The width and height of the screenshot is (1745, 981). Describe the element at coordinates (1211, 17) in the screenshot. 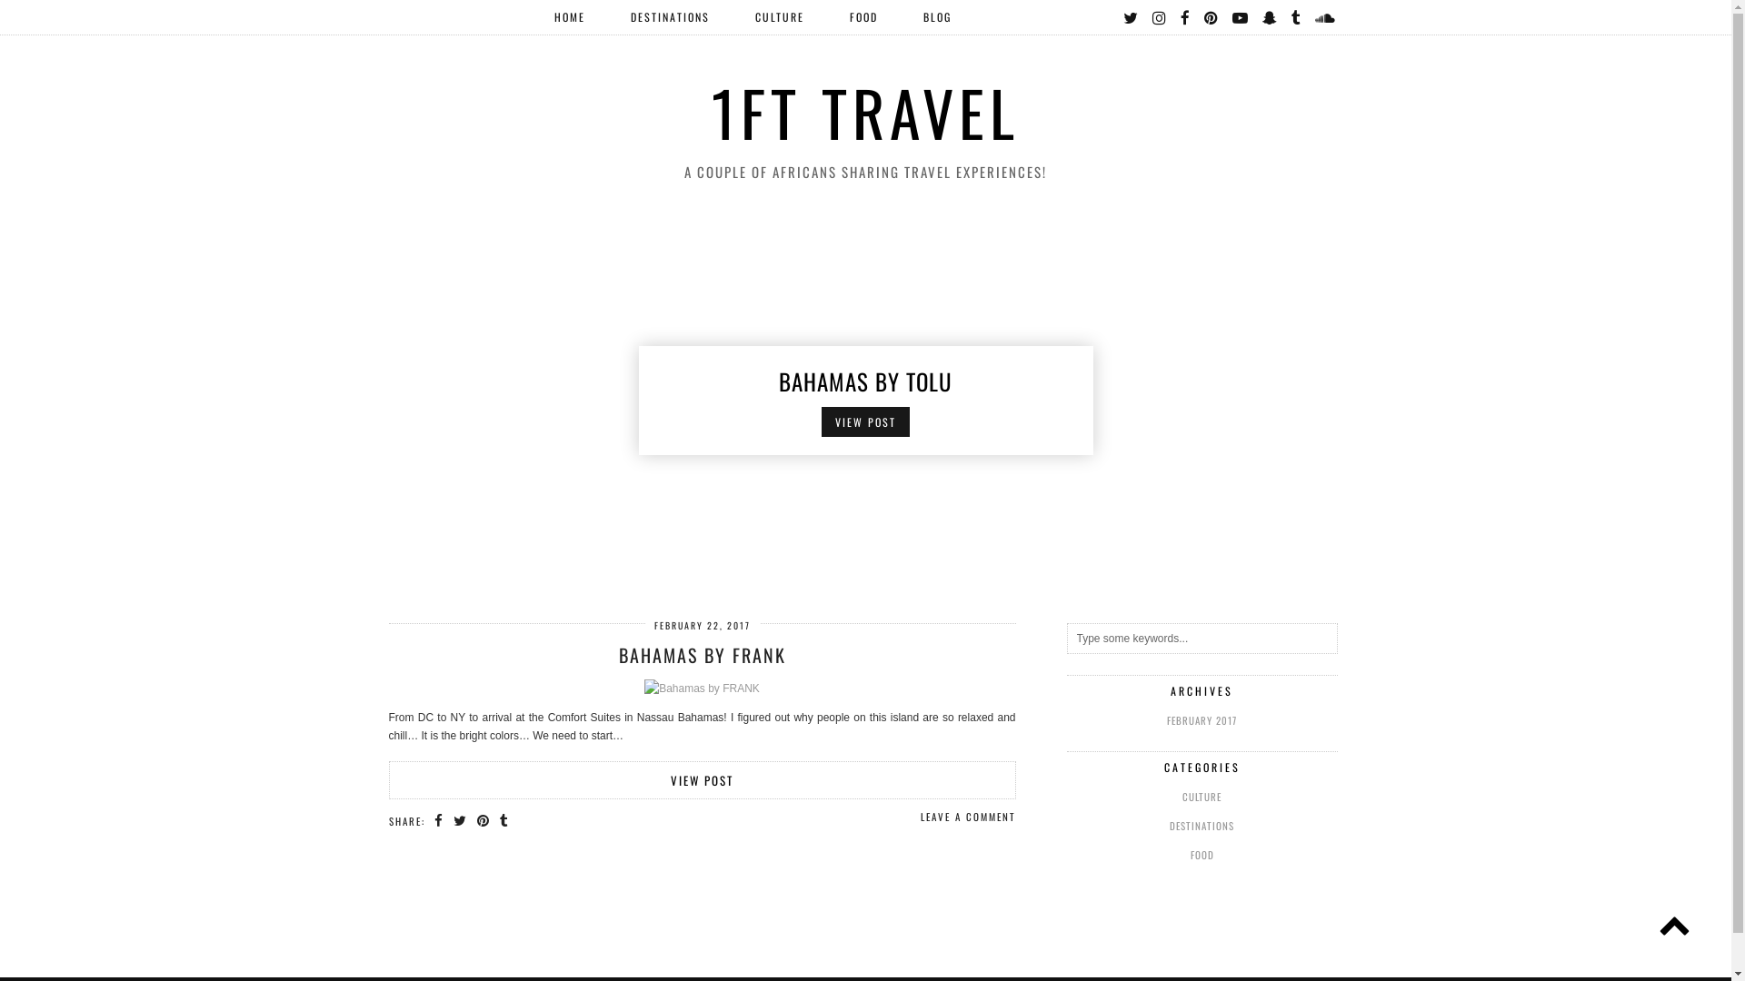

I see `'pinterest'` at that location.